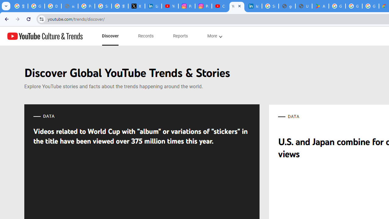 This screenshot has height=219, width=389. I want to click on 'JUMP TO CONTENT', so click(64, 36).